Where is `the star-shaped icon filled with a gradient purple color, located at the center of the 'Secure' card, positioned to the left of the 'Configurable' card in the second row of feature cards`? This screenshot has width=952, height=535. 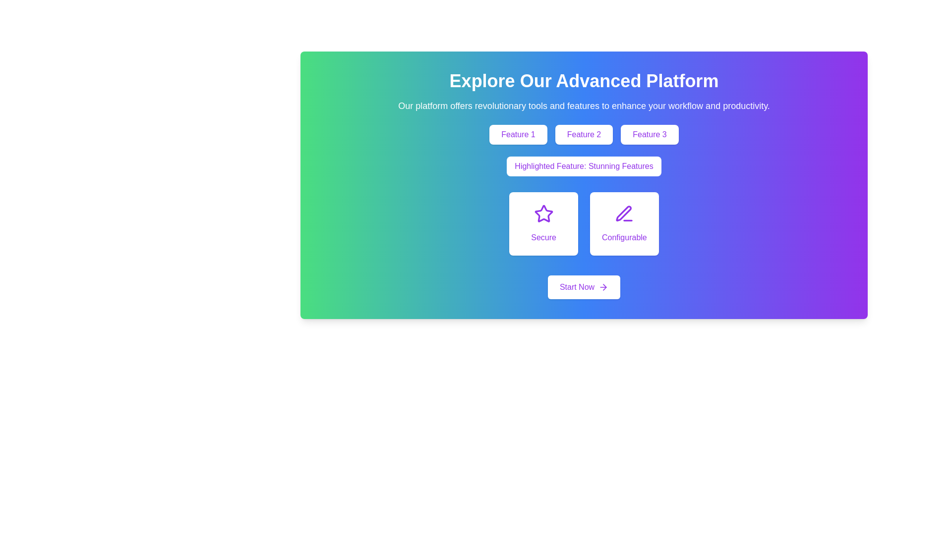 the star-shaped icon filled with a gradient purple color, located at the center of the 'Secure' card, positioned to the left of the 'Configurable' card in the second row of feature cards is located at coordinates (543, 213).